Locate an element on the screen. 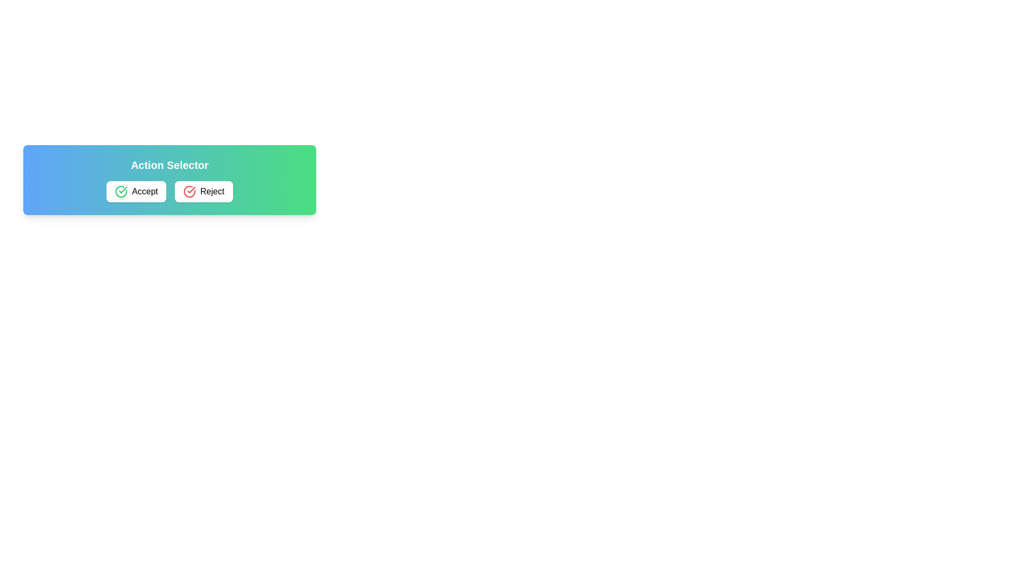  the 'Accept' button, which is a rectangular button with the text 'Accept' next to a green circular check icon, to change its background color to light gray is located at coordinates (136, 192).